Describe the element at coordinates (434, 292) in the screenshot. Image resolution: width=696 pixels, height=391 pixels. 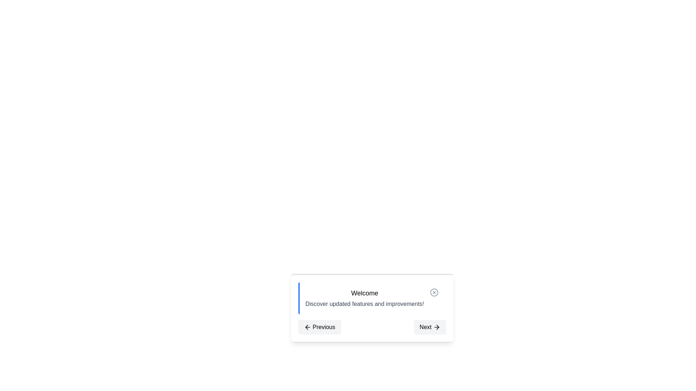
I see `the circular button with a cross in the center located in the top-right corner of the notification panel` at that location.